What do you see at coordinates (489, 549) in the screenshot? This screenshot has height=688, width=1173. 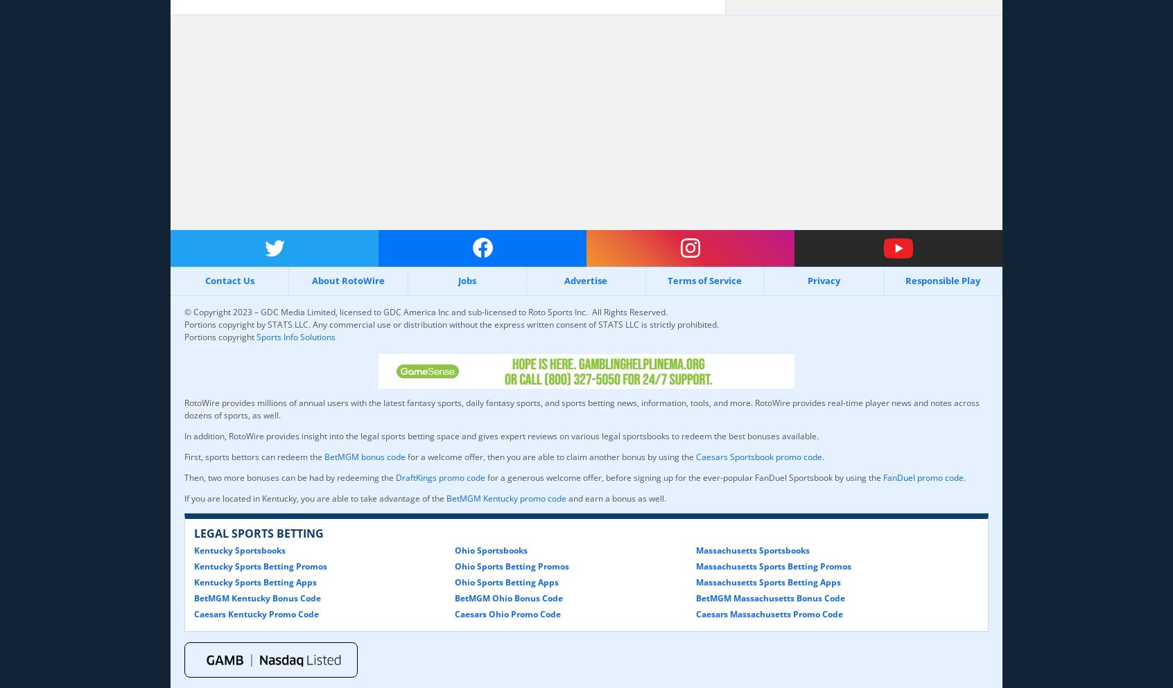 I see `'Ohio Sportsbooks'` at bounding box center [489, 549].